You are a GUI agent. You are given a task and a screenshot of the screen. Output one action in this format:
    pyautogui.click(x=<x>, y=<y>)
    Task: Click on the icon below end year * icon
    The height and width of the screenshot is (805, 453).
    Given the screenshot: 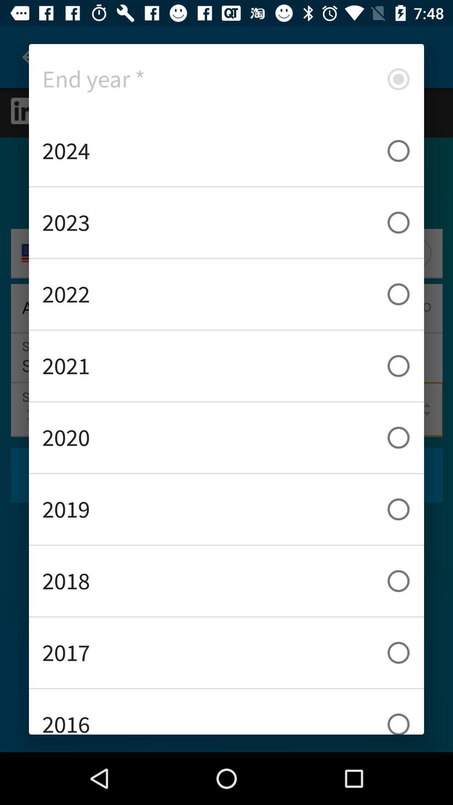 What is the action you would take?
    pyautogui.click(x=226, y=151)
    